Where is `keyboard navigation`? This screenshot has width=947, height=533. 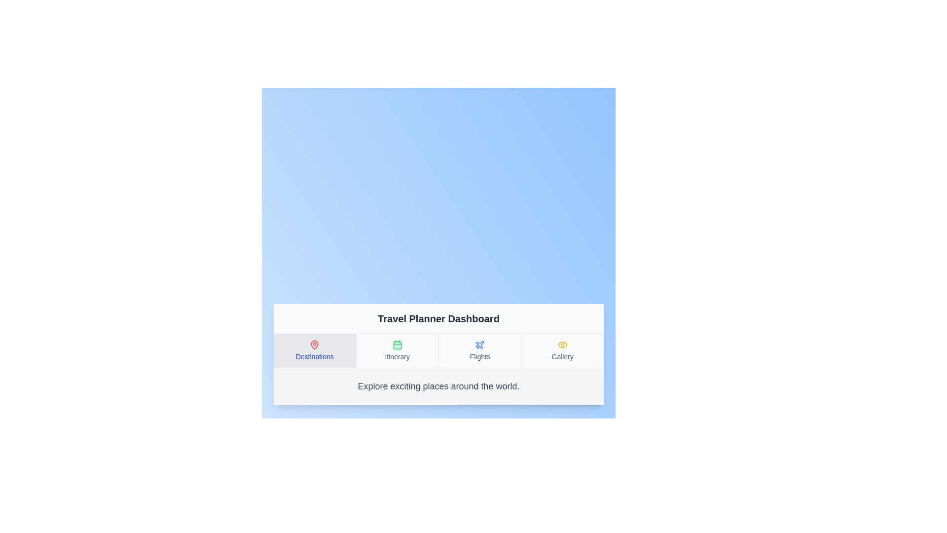 keyboard navigation is located at coordinates (562, 350).